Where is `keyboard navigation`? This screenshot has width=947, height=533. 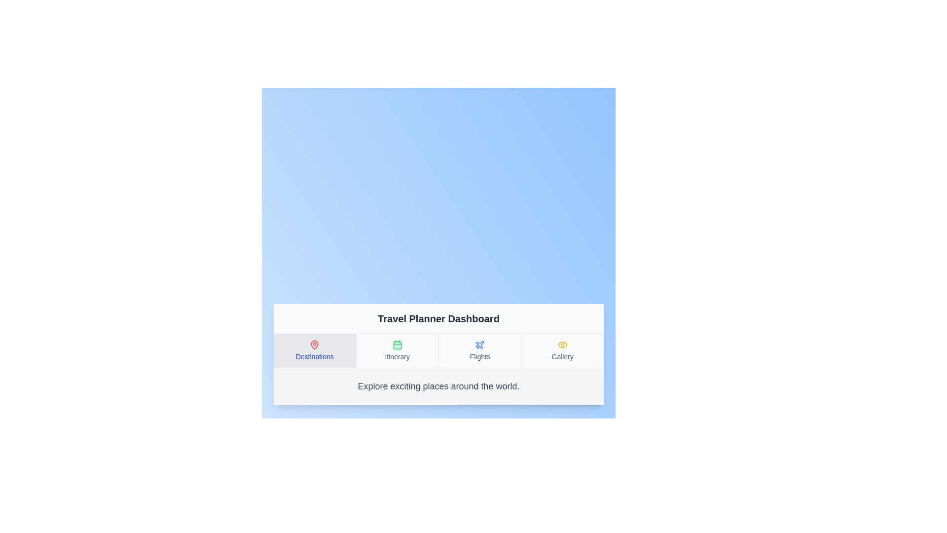 keyboard navigation is located at coordinates (562, 350).